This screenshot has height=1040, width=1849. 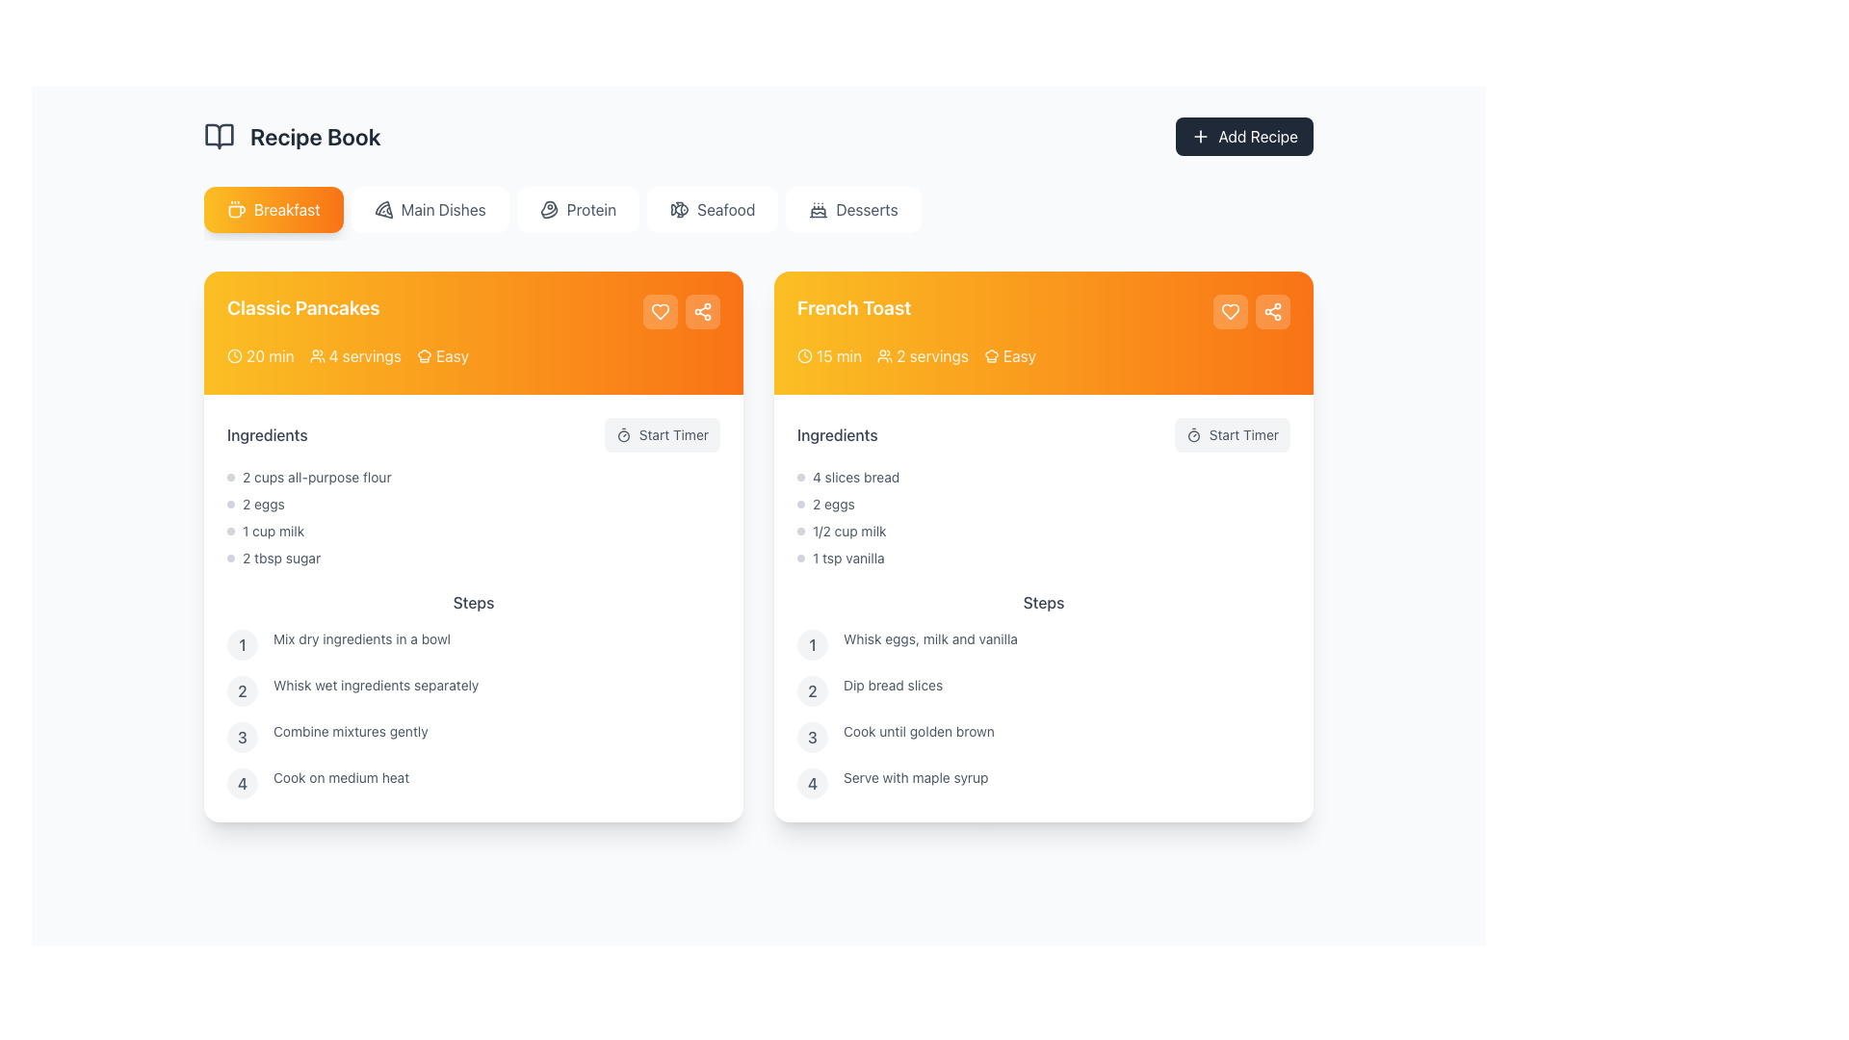 I want to click on the second step in the recipe list, which states 'Whisk wet ingredients separately', so click(x=473, y=689).